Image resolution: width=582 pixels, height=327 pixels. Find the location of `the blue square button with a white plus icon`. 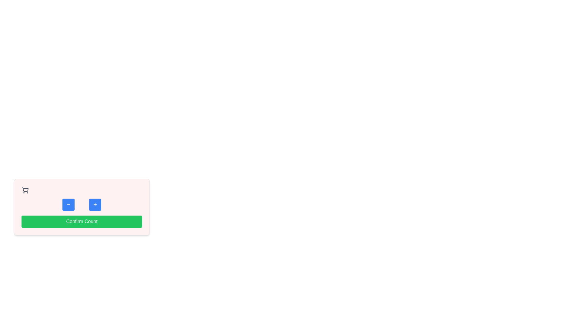

the blue square button with a white plus icon is located at coordinates (95, 204).